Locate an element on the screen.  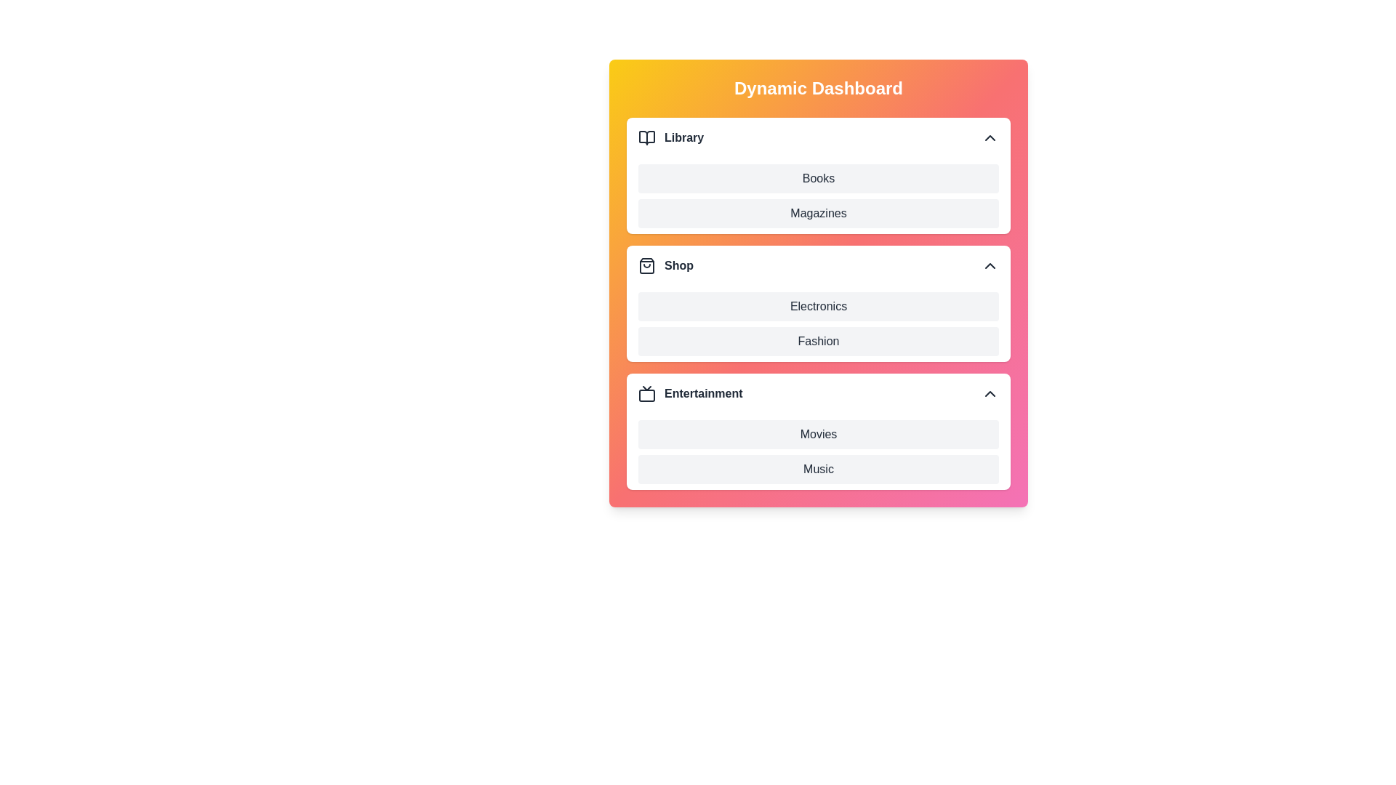
the item Magazines in the section Library is located at coordinates (638, 213).